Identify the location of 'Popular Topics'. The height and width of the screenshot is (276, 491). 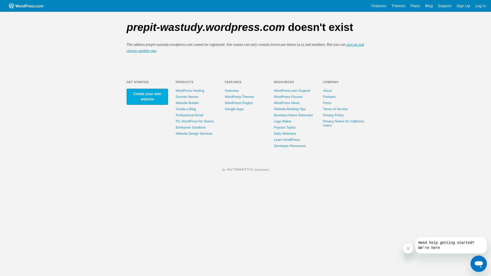
(273, 127).